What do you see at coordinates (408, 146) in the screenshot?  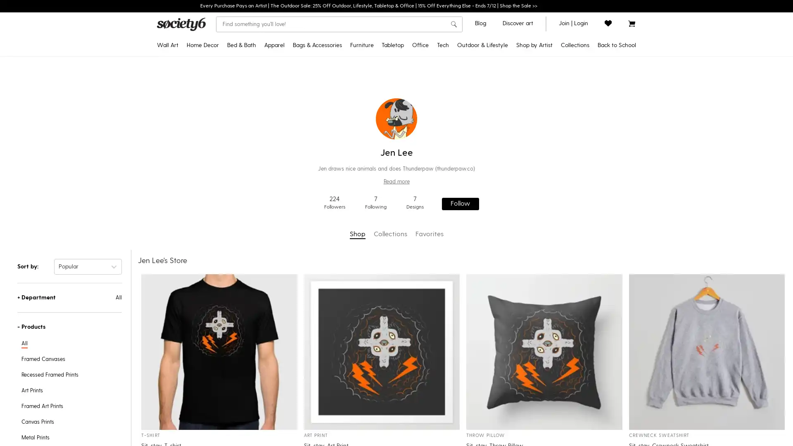 I see `Water Bottles` at bounding box center [408, 146].